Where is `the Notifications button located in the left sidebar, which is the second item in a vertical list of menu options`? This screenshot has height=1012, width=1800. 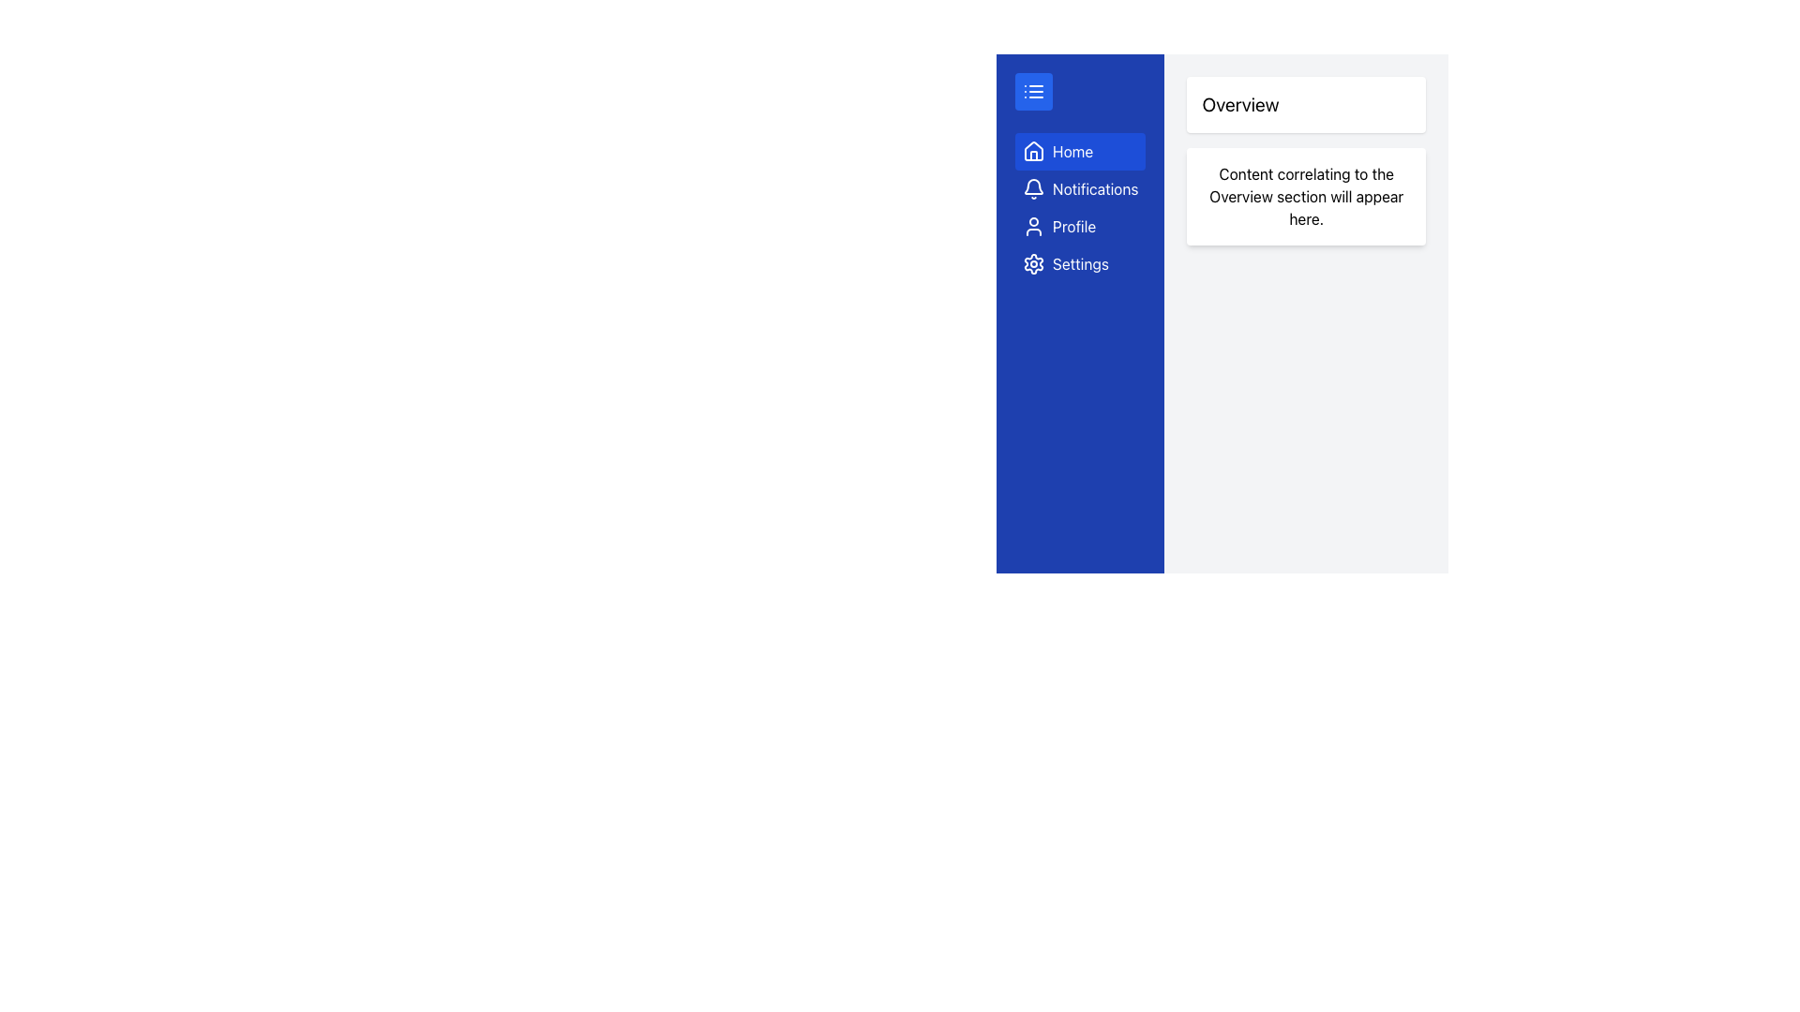
the Notifications button located in the left sidebar, which is the second item in a vertical list of menu options is located at coordinates (1080, 208).